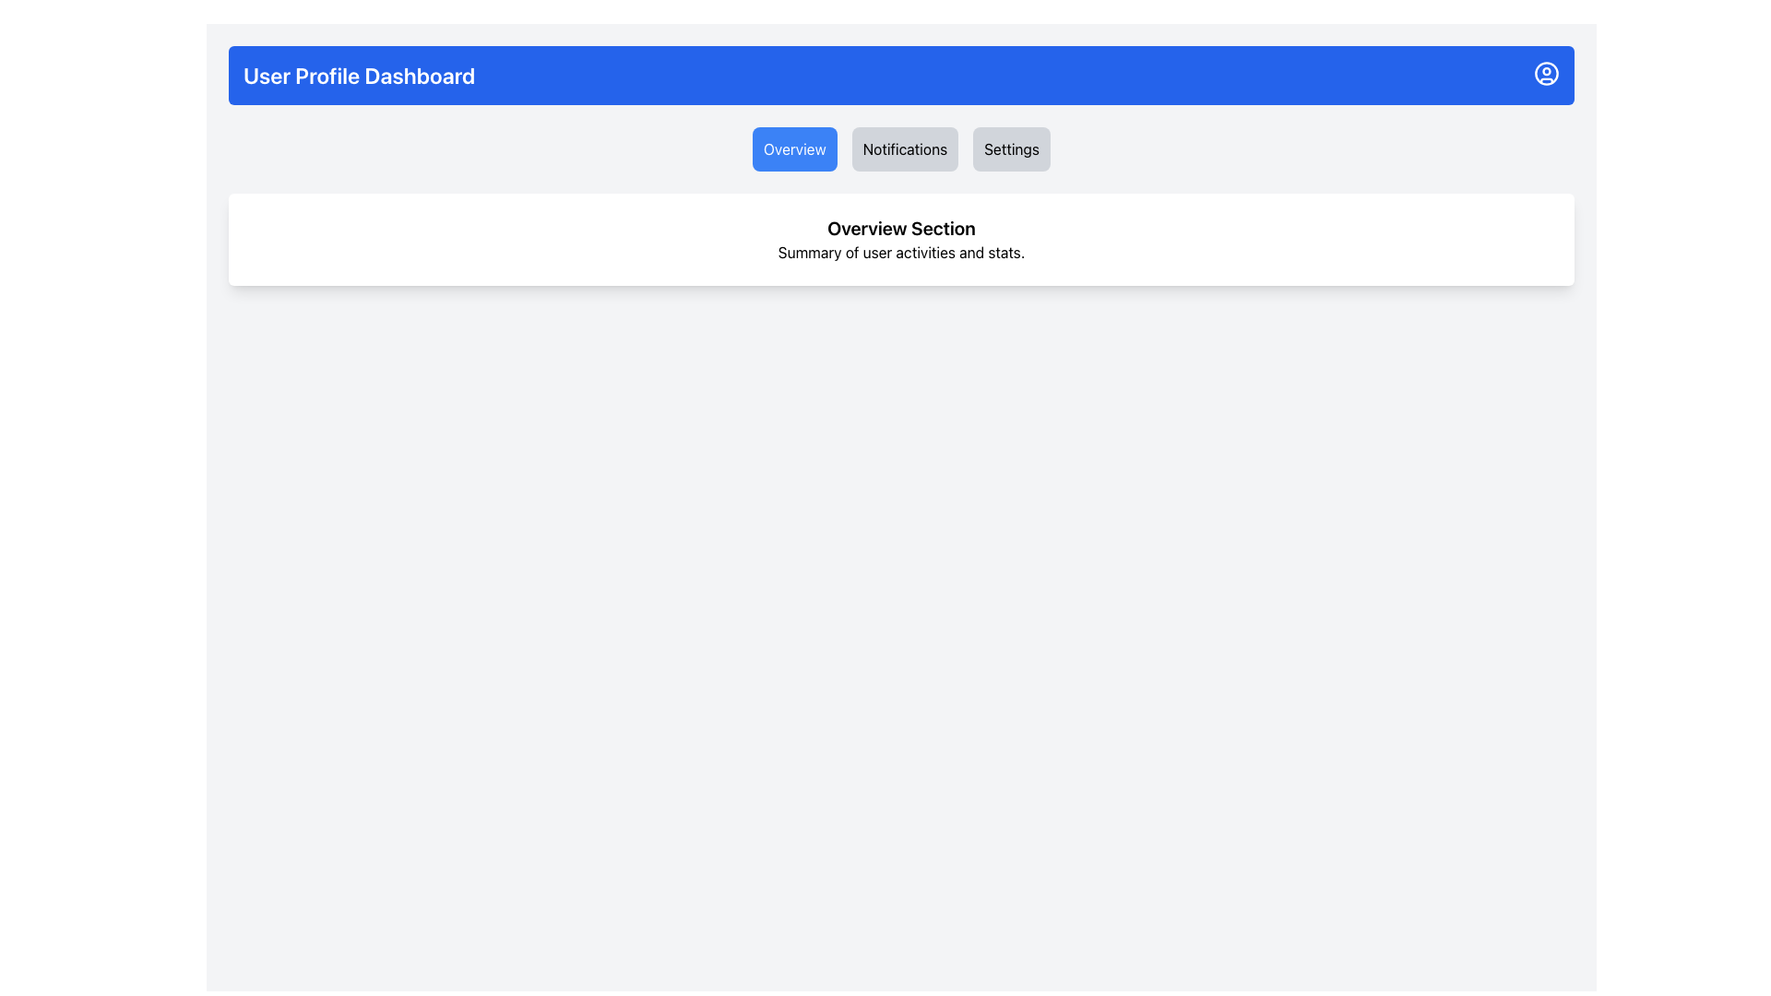 This screenshot has width=1771, height=996. I want to click on the settings button, which is the third button from the left in a row of three buttons below the blue header bar, so click(1011, 148).